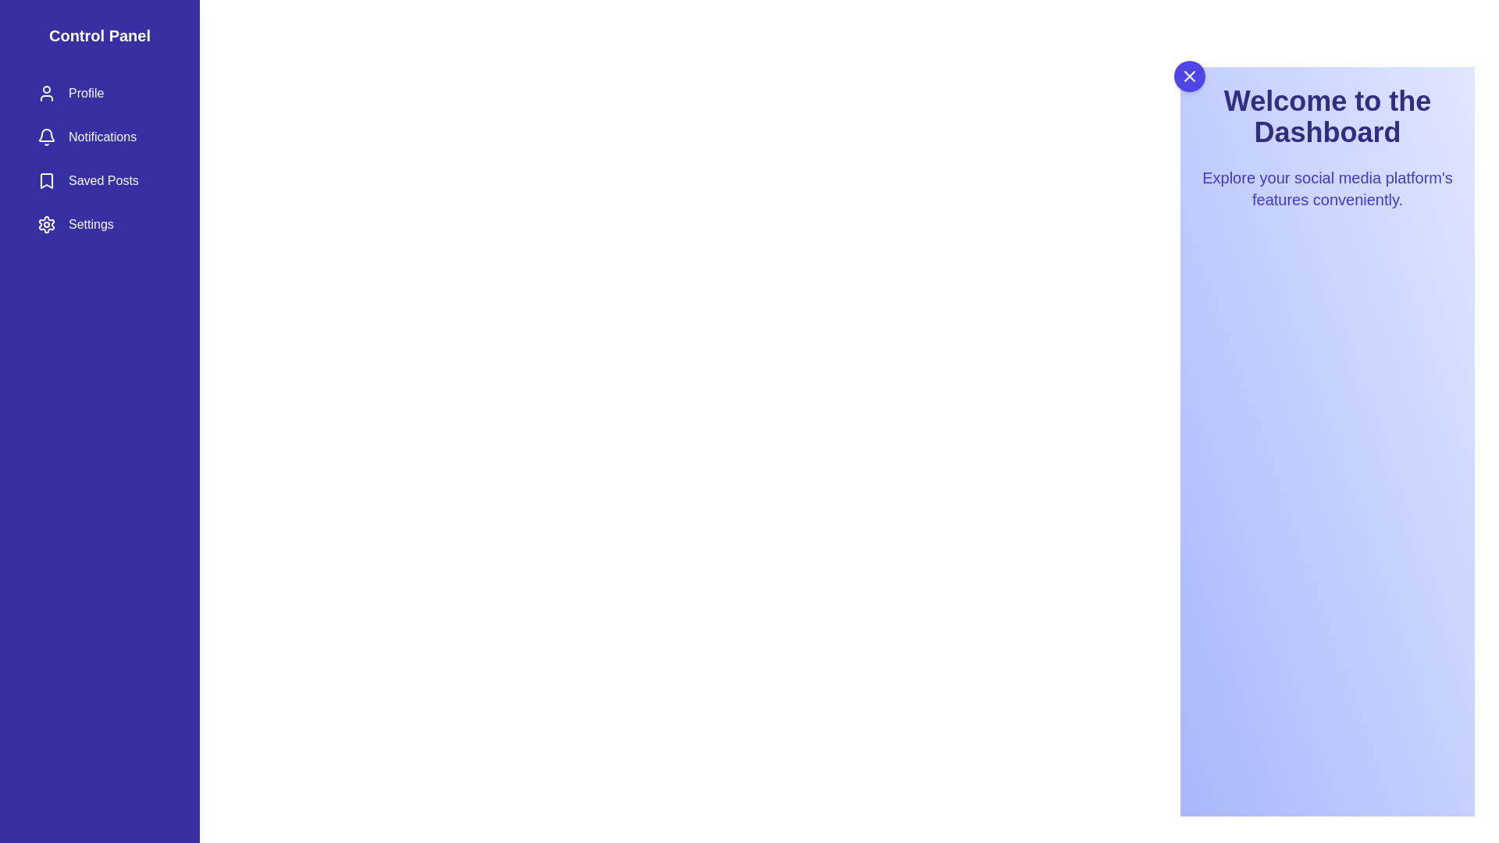 The width and height of the screenshot is (1499, 843). What do you see at coordinates (1188, 76) in the screenshot?
I see `the toggle button to change the visibility of the side drawer` at bounding box center [1188, 76].